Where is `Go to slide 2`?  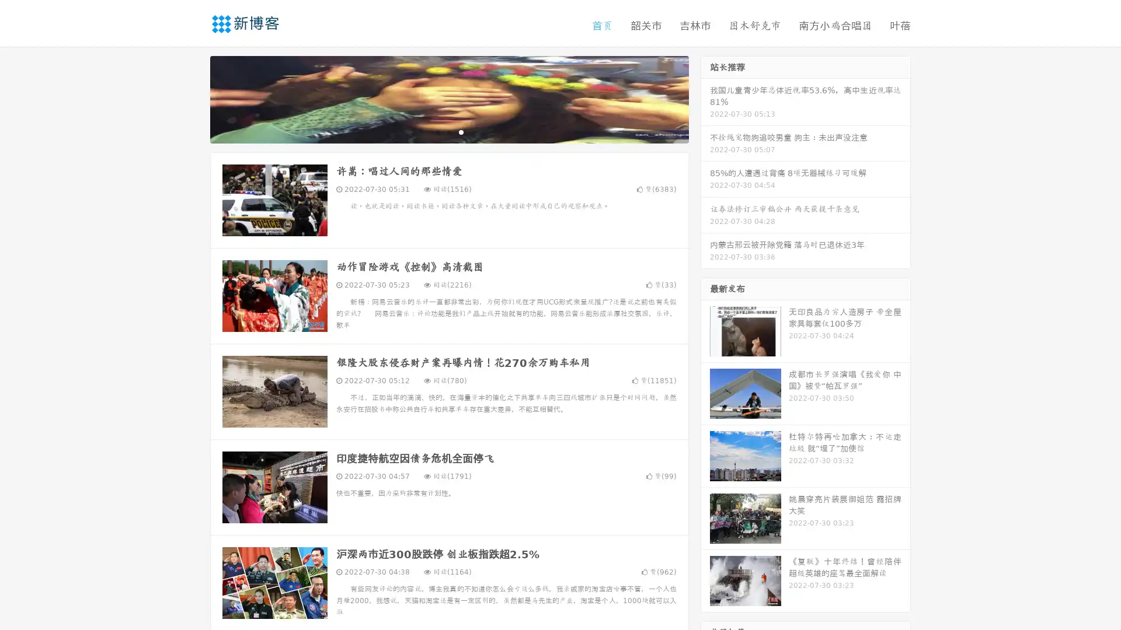 Go to slide 2 is located at coordinates (448, 131).